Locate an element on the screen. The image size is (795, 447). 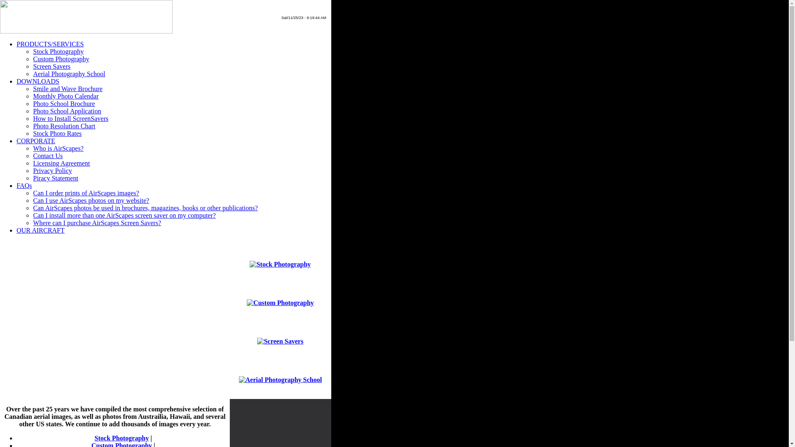
'Where can I purchase AirScapes Screen Savers?' is located at coordinates (97, 222).